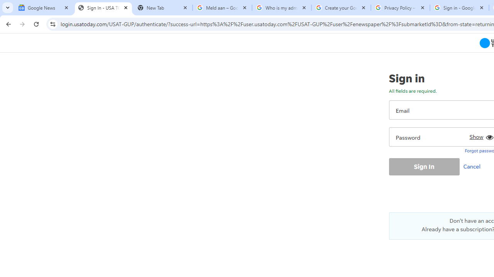 This screenshot has height=277, width=494. Describe the element at coordinates (473, 166) in the screenshot. I see `'Cancel'` at that location.